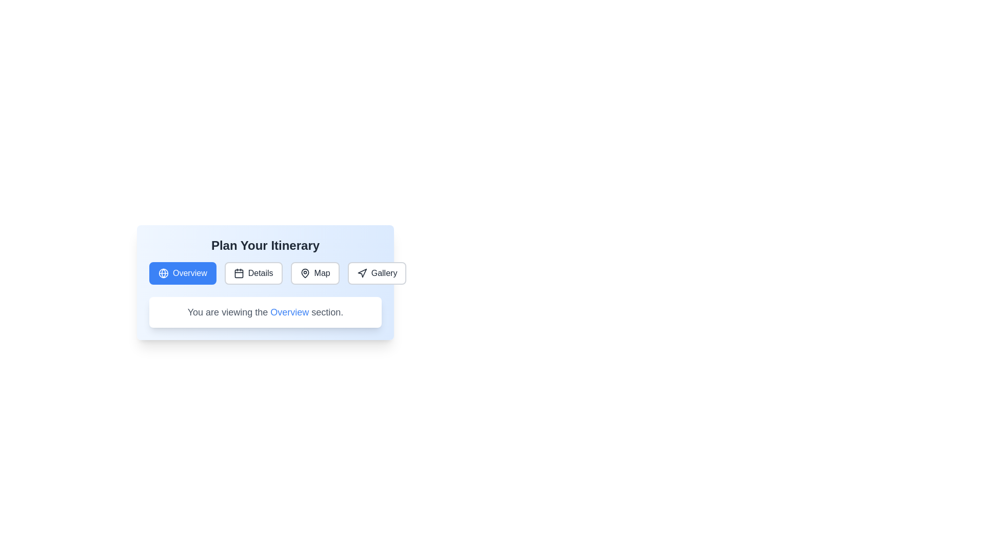 This screenshot has height=554, width=985. I want to click on the 'Details' button which contains the calendar icon located to the left of the text within the button, so click(238, 272).